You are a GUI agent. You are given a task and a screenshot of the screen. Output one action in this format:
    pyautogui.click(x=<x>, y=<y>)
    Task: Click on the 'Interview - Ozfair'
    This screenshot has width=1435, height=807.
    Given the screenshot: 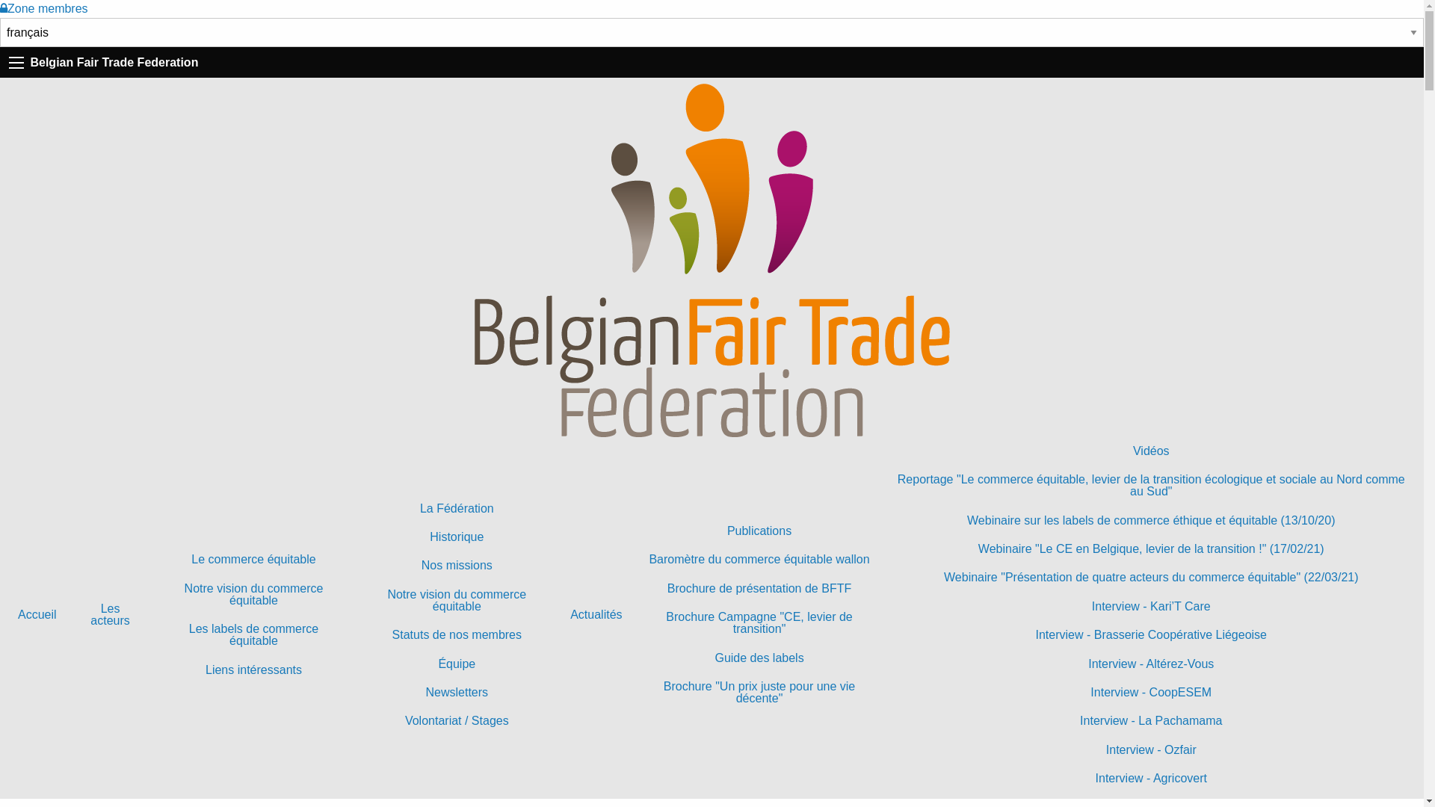 What is the action you would take?
    pyautogui.click(x=1150, y=749)
    